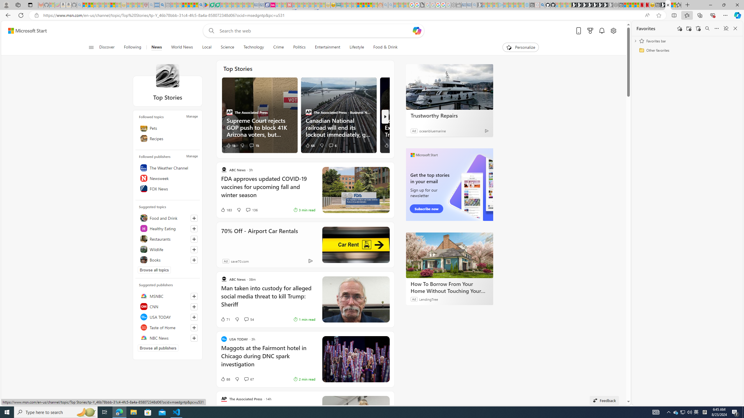 This screenshot has width=744, height=418. What do you see at coordinates (330, 145) in the screenshot?
I see `'View comments 6 Comment'` at bounding box center [330, 145].